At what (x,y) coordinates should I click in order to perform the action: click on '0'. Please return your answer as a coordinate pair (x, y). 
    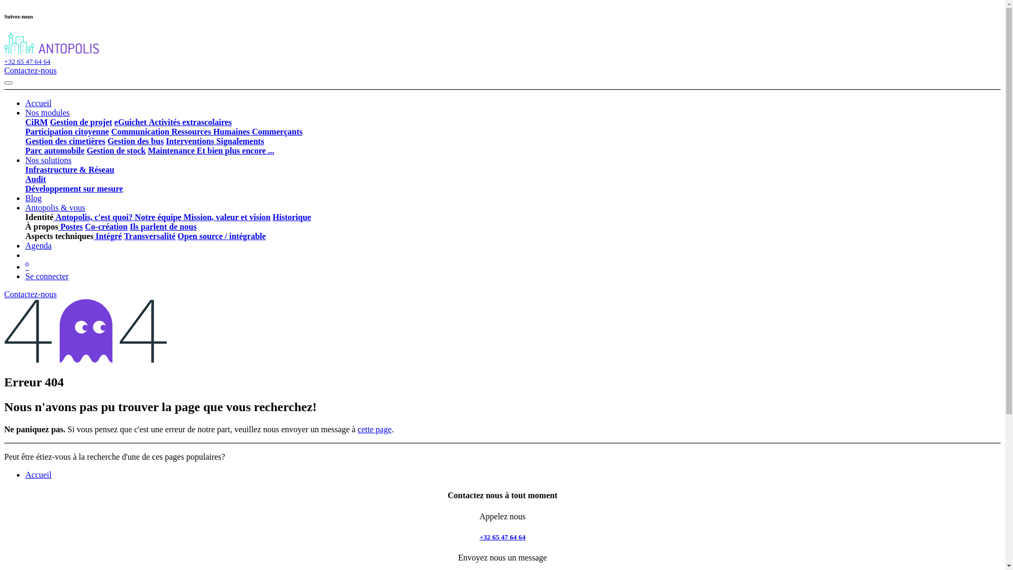
    Looking at the image, I should click on (27, 266).